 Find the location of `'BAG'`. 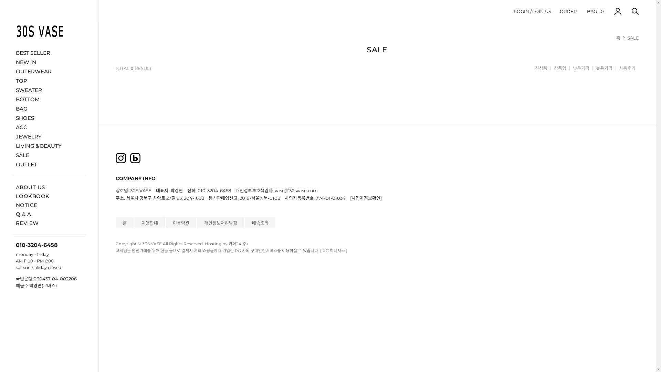

'BAG' is located at coordinates (49, 108).